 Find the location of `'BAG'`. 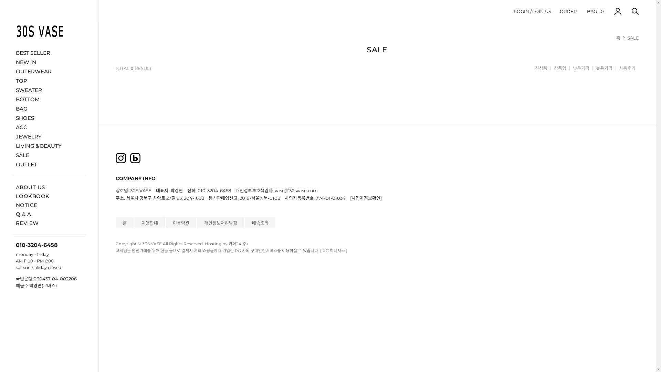

'BAG' is located at coordinates (49, 108).